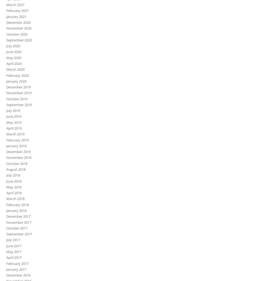  What do you see at coordinates (18, 87) in the screenshot?
I see `'December 2019'` at bounding box center [18, 87].